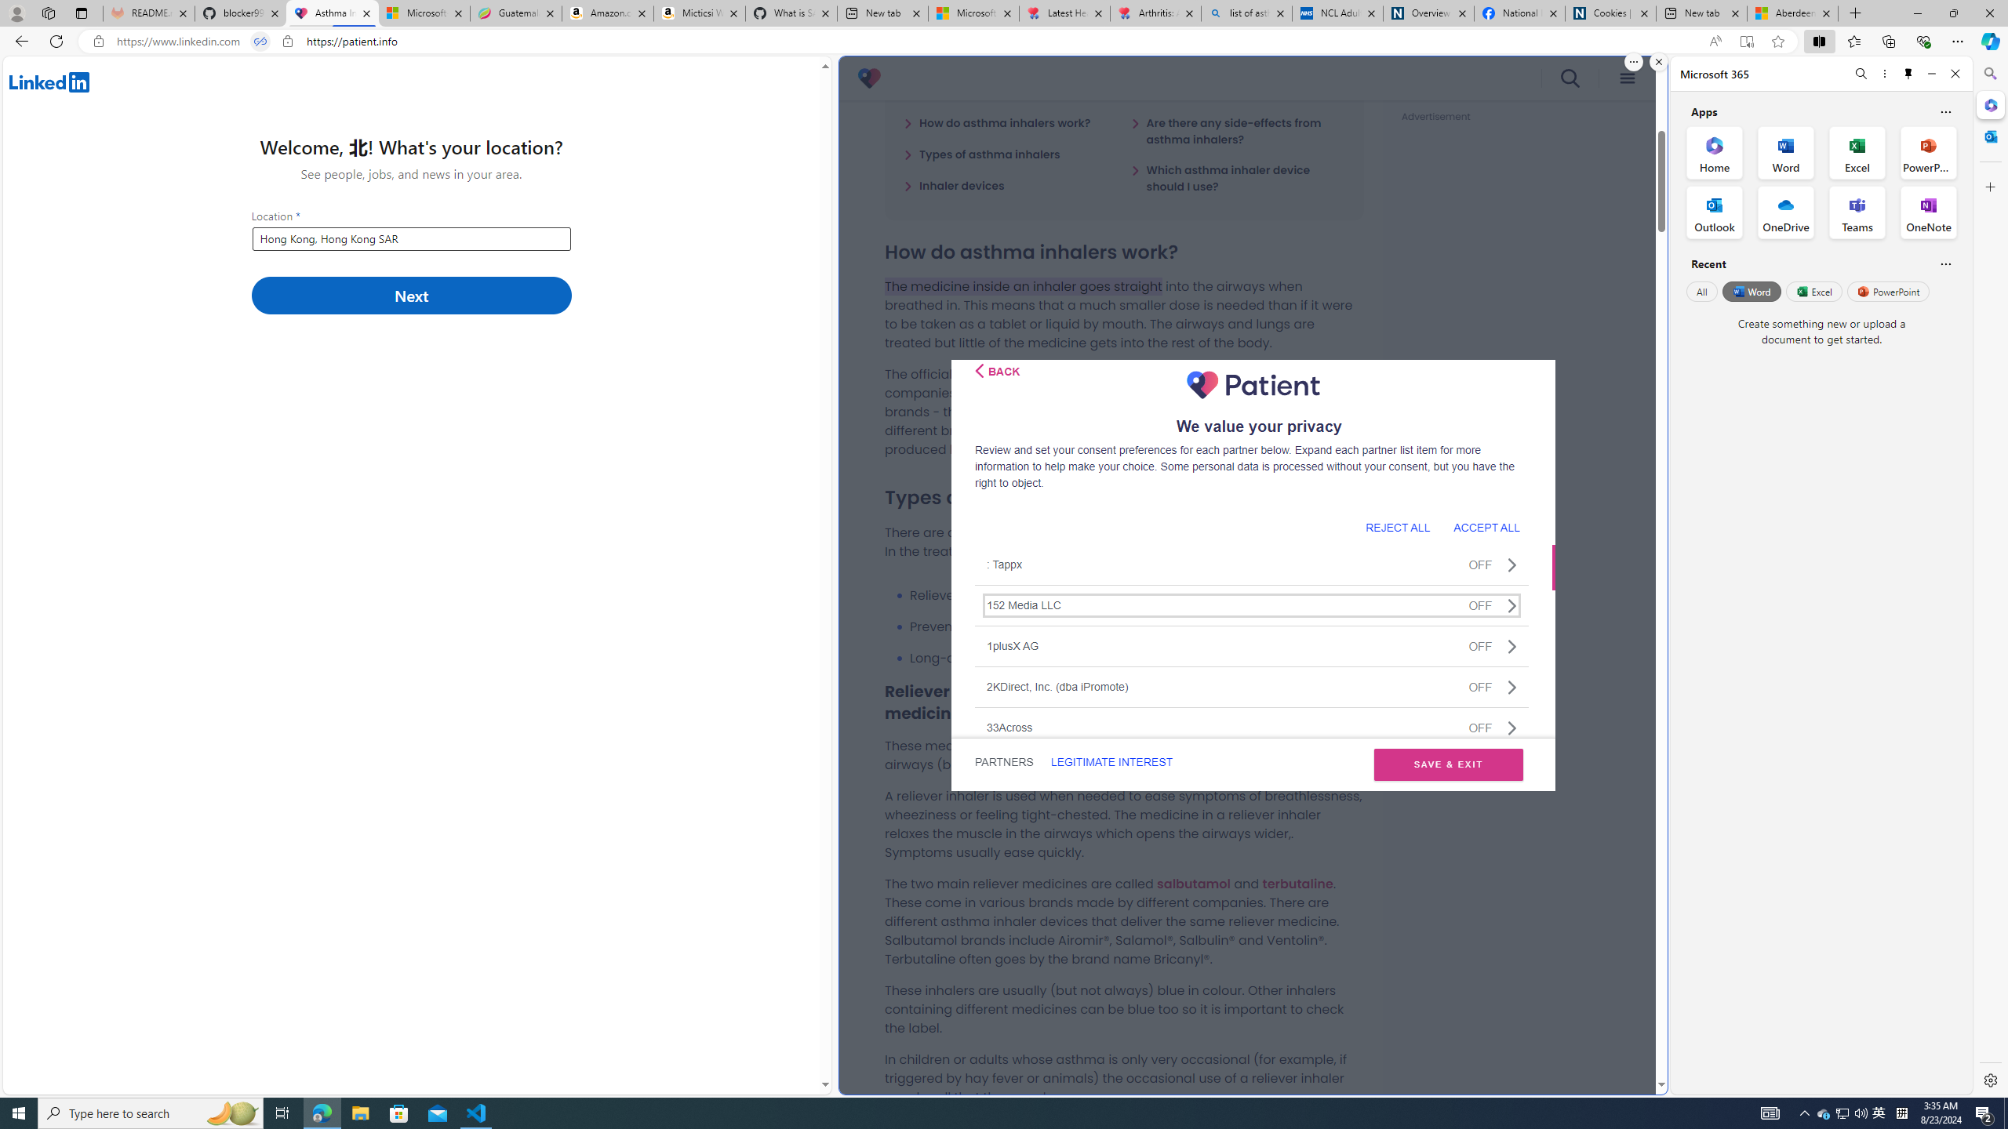  Describe the element at coordinates (1701, 291) in the screenshot. I see `'All'` at that location.